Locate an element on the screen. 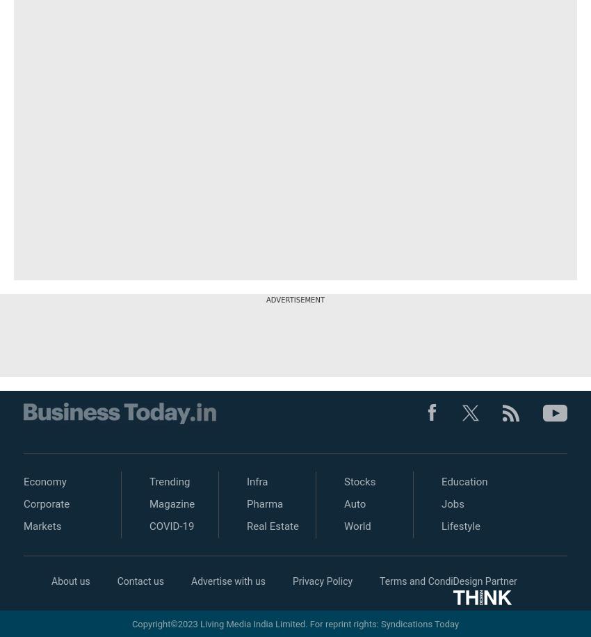 This screenshot has width=591, height=637. 'Jobs' is located at coordinates (453, 504).